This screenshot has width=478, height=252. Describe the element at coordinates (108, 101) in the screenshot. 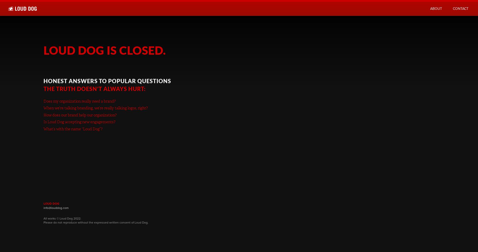

I see `'a brand?'` at that location.